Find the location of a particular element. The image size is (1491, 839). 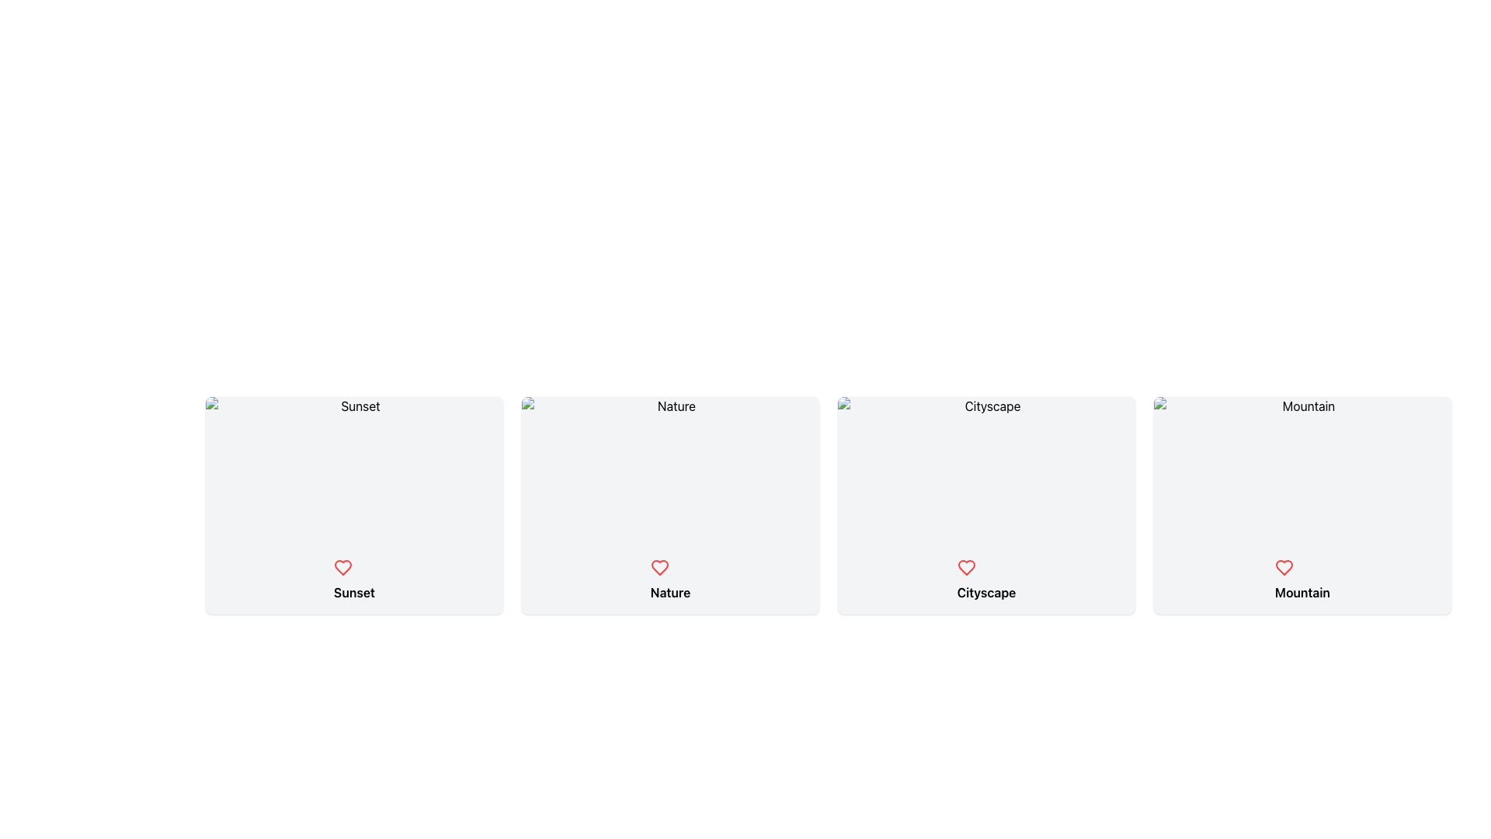

the content of the image element that represents the 'Cityscape' category, located at the top of the card layout, below the 'Cityscape' text is located at coordinates (985, 470).